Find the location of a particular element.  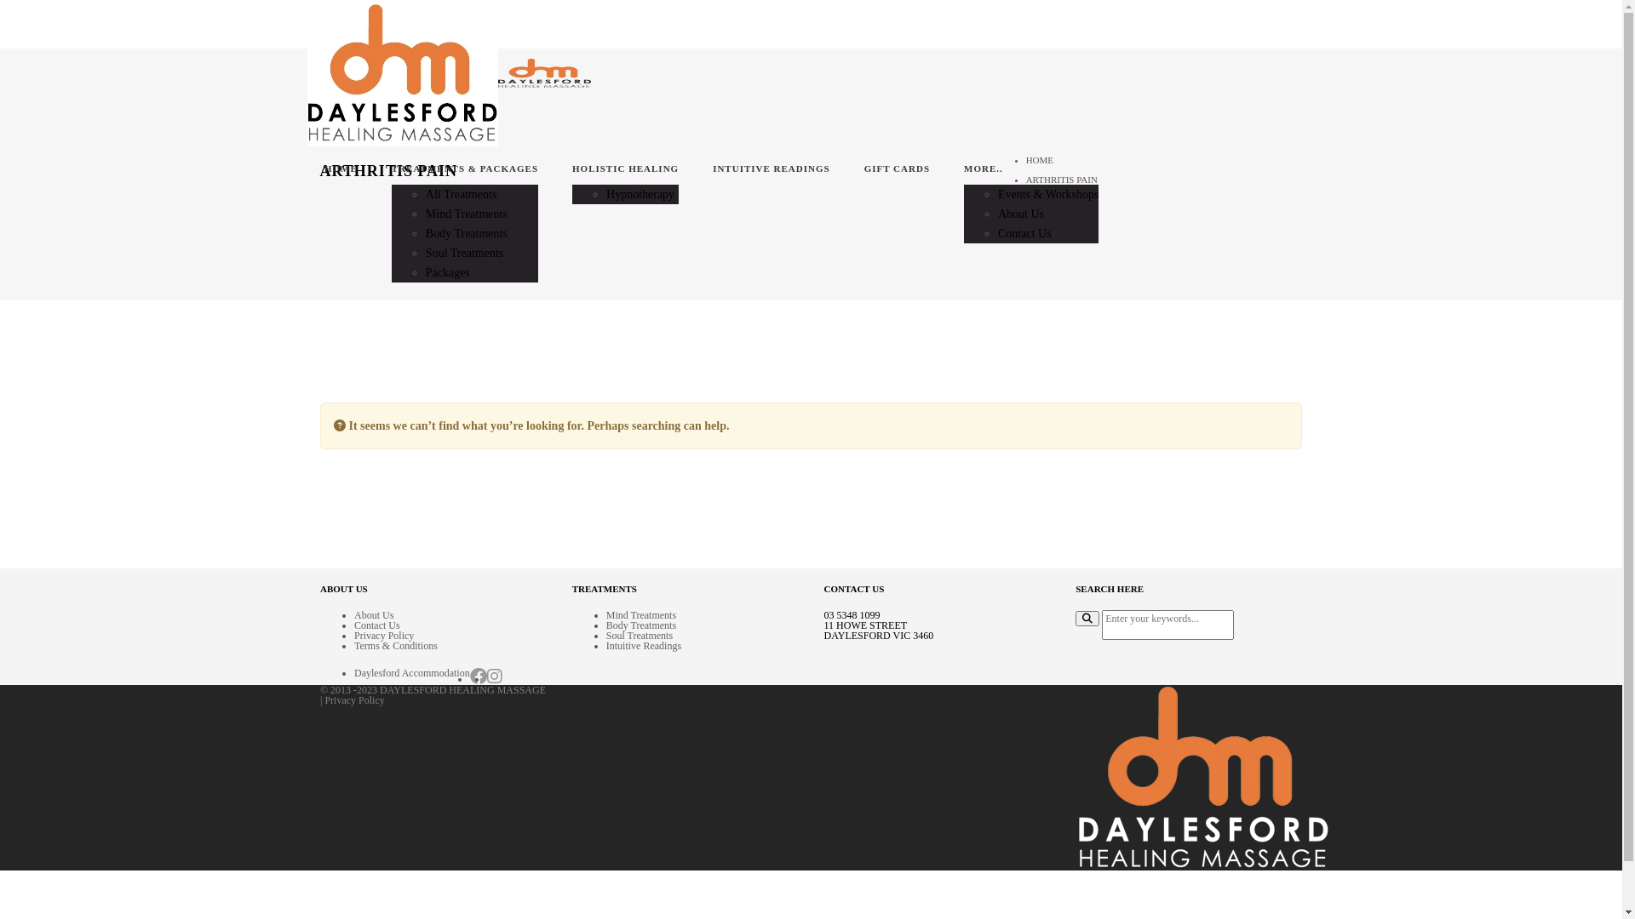

'Body Treatments' is located at coordinates (466, 233).